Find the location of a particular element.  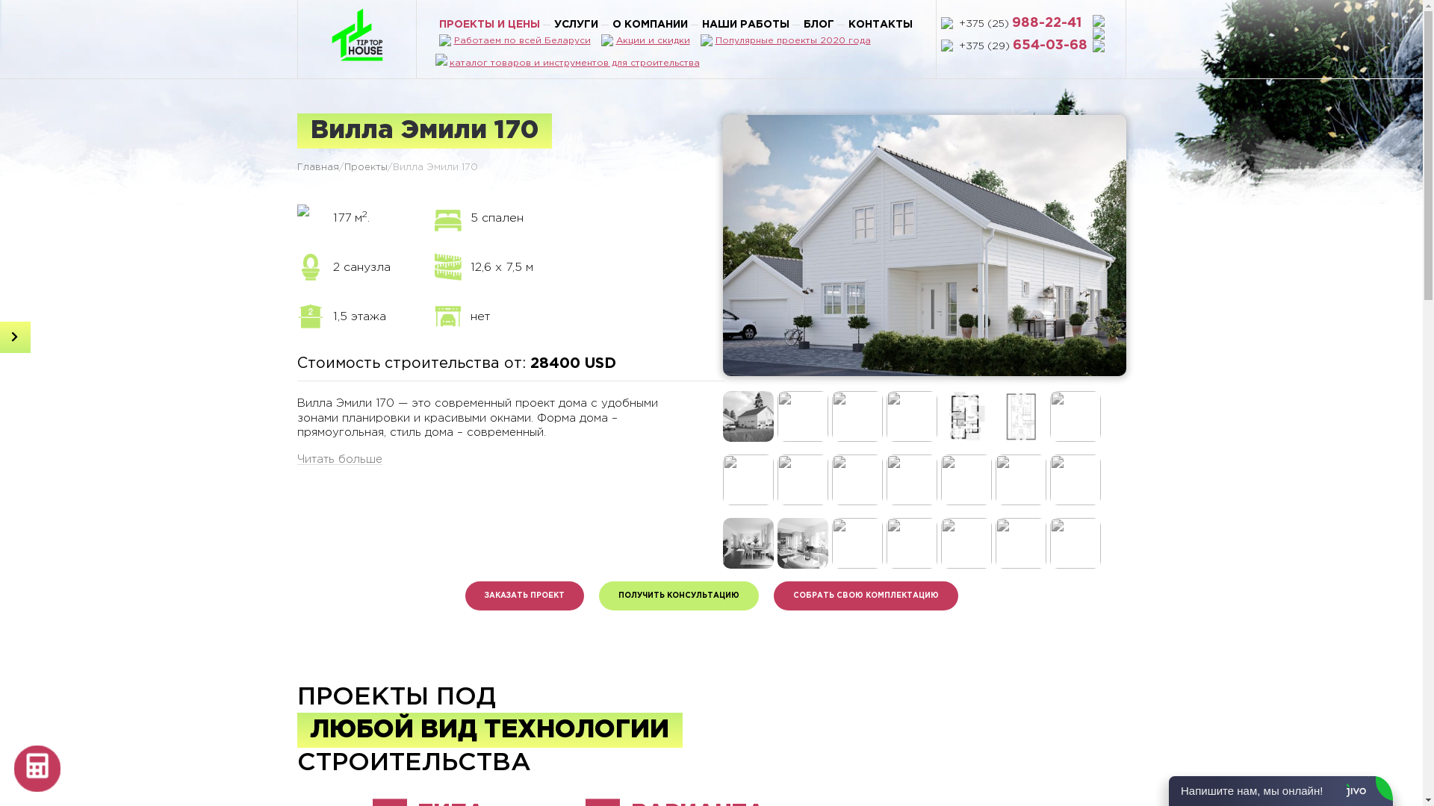

'+375 (29) 654-03-68' is located at coordinates (1022, 45).